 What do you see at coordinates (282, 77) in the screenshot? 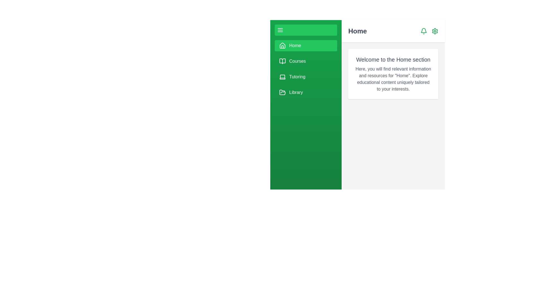
I see `the 'Tutoring' menu option icon located in the navigation menu, which is positioned below the 'Courses' item and above the 'Library'` at bounding box center [282, 77].